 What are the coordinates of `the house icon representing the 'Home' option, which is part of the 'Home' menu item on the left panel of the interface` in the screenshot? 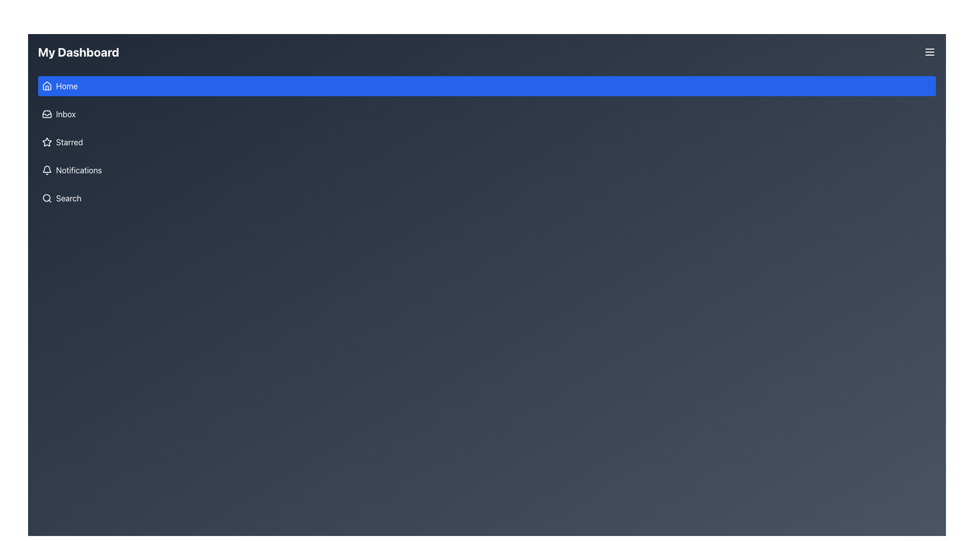 It's located at (47, 86).